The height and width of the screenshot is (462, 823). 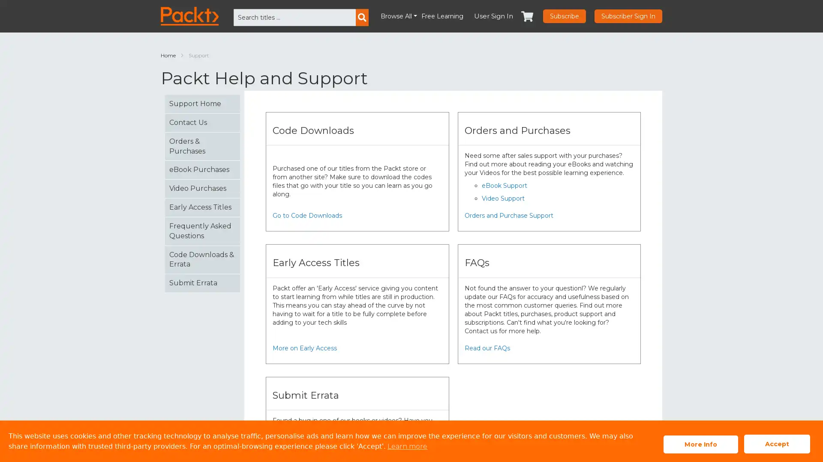 What do you see at coordinates (564, 16) in the screenshot?
I see `Subscribe` at bounding box center [564, 16].